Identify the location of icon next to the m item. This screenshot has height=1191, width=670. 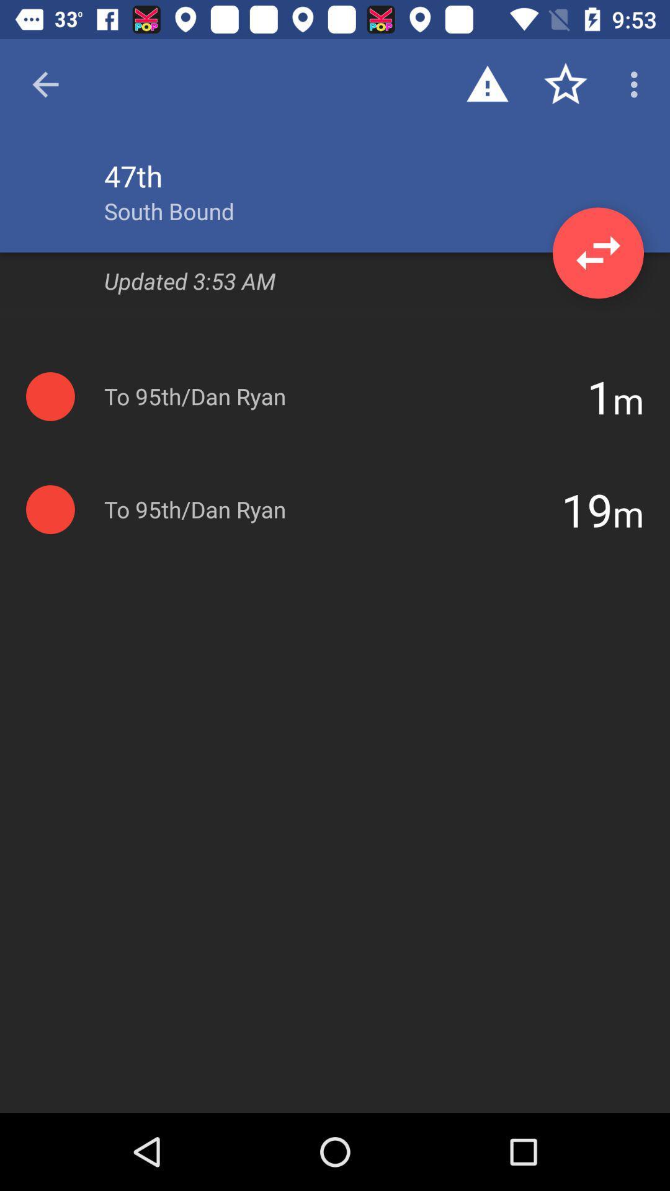
(599, 396).